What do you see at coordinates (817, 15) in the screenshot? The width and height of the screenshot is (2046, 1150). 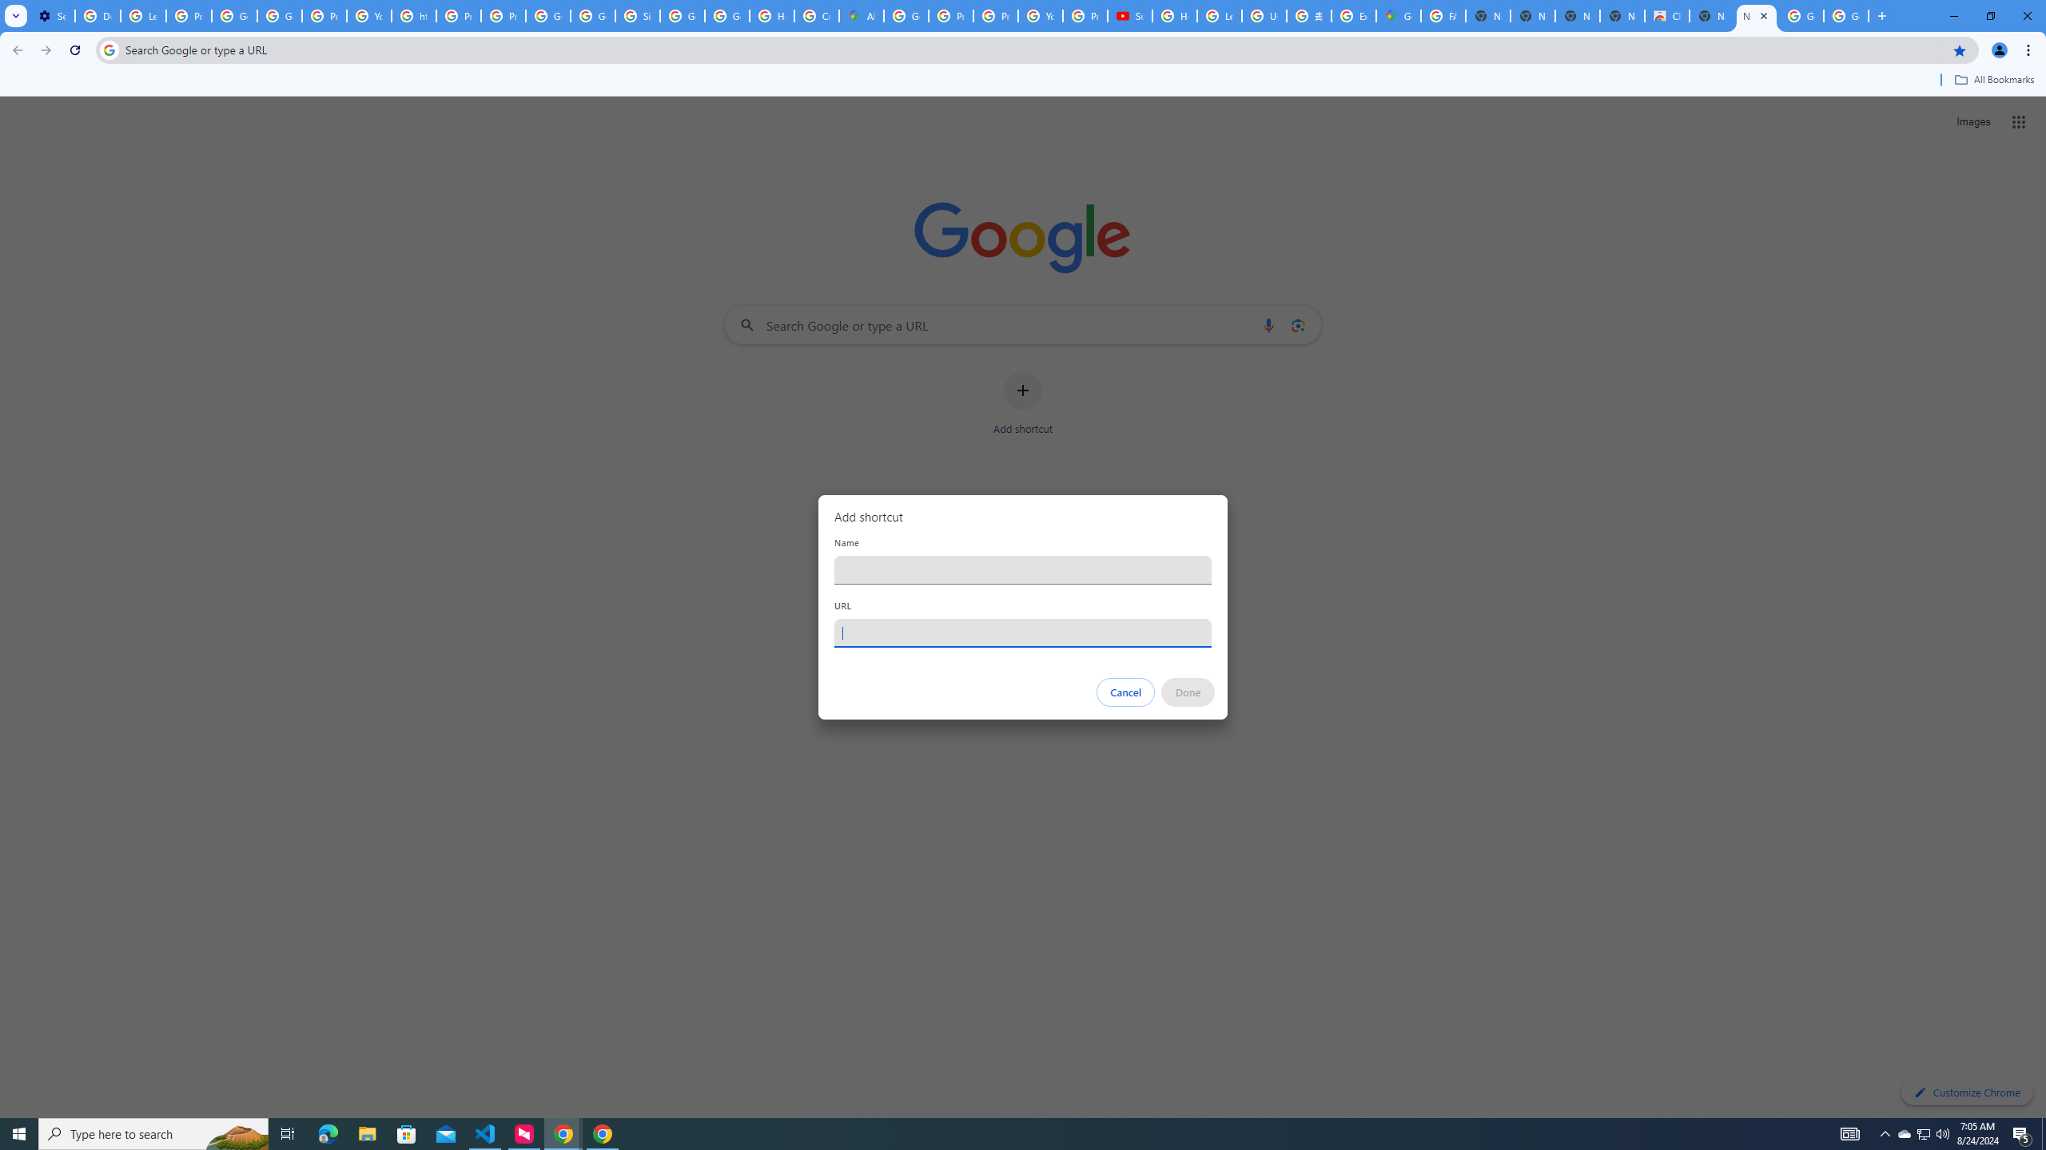 I see `'Create your Google Account'` at bounding box center [817, 15].